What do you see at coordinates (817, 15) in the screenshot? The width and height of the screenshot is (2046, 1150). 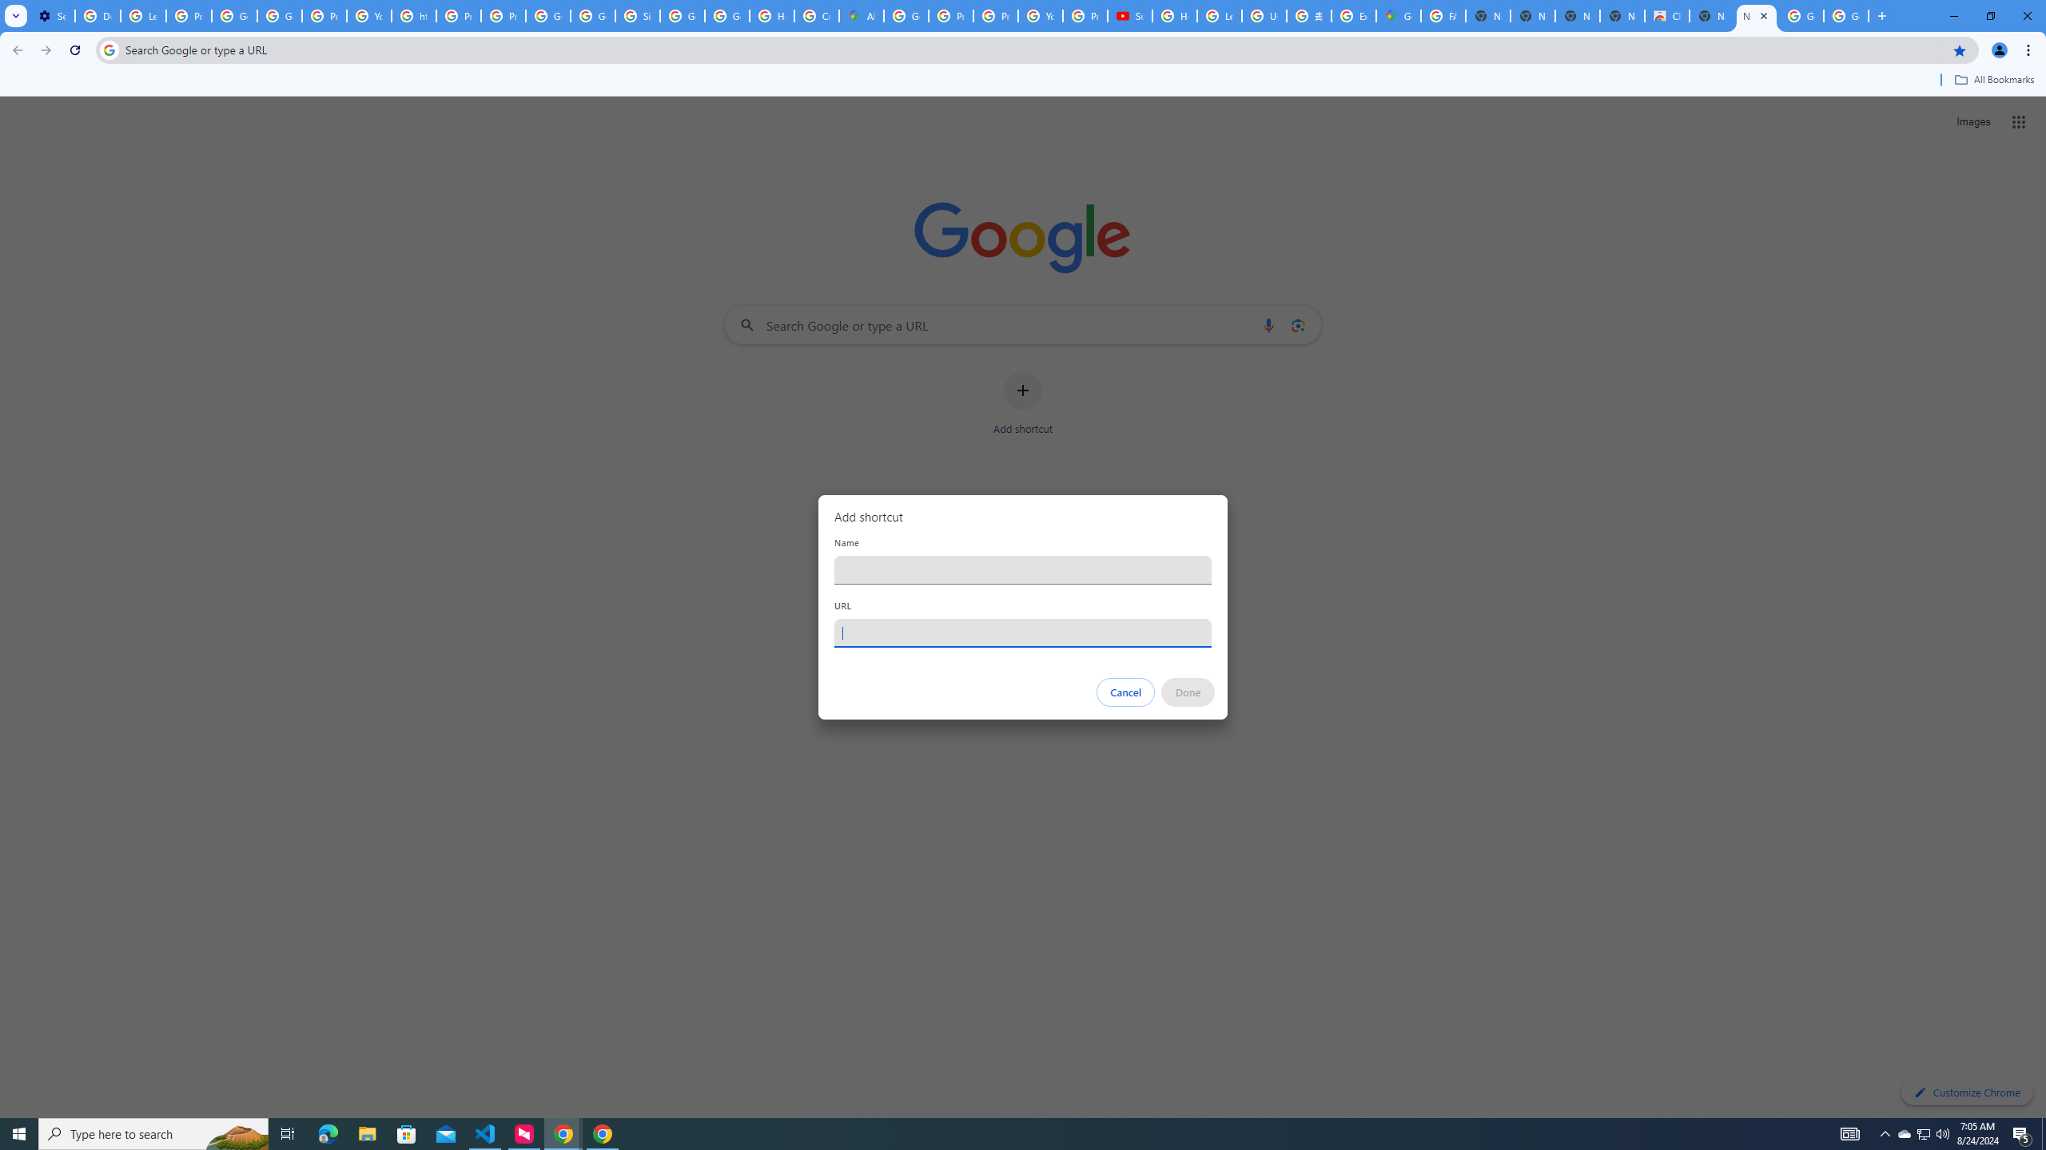 I see `'Create your Google Account'` at bounding box center [817, 15].